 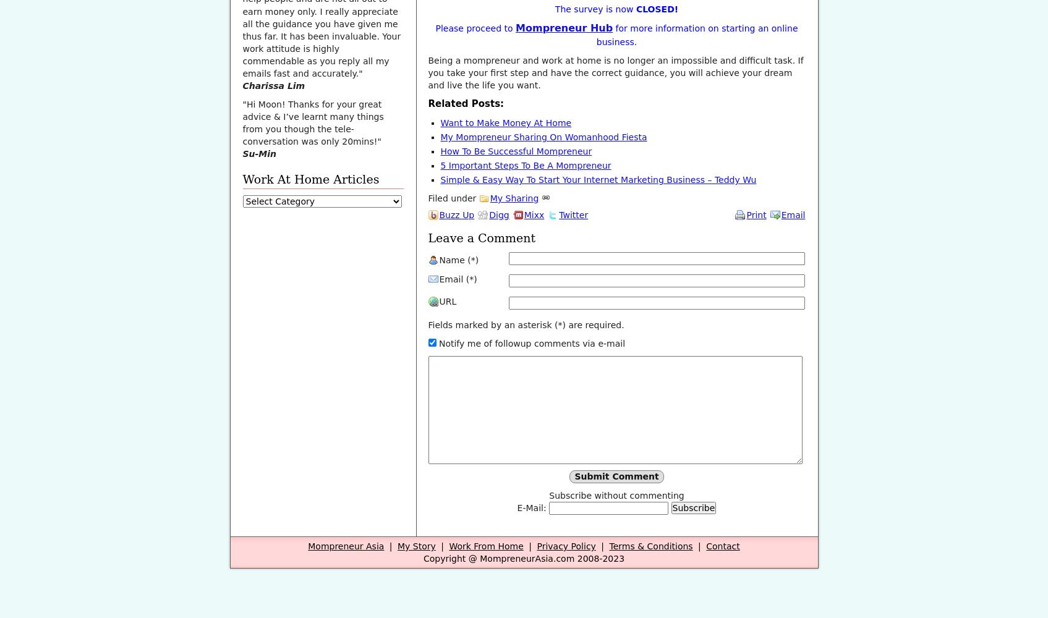 What do you see at coordinates (598, 180) in the screenshot?
I see `'Simple & Easy Way To Start Your Internet Marketing Business – Teddy Wu'` at bounding box center [598, 180].